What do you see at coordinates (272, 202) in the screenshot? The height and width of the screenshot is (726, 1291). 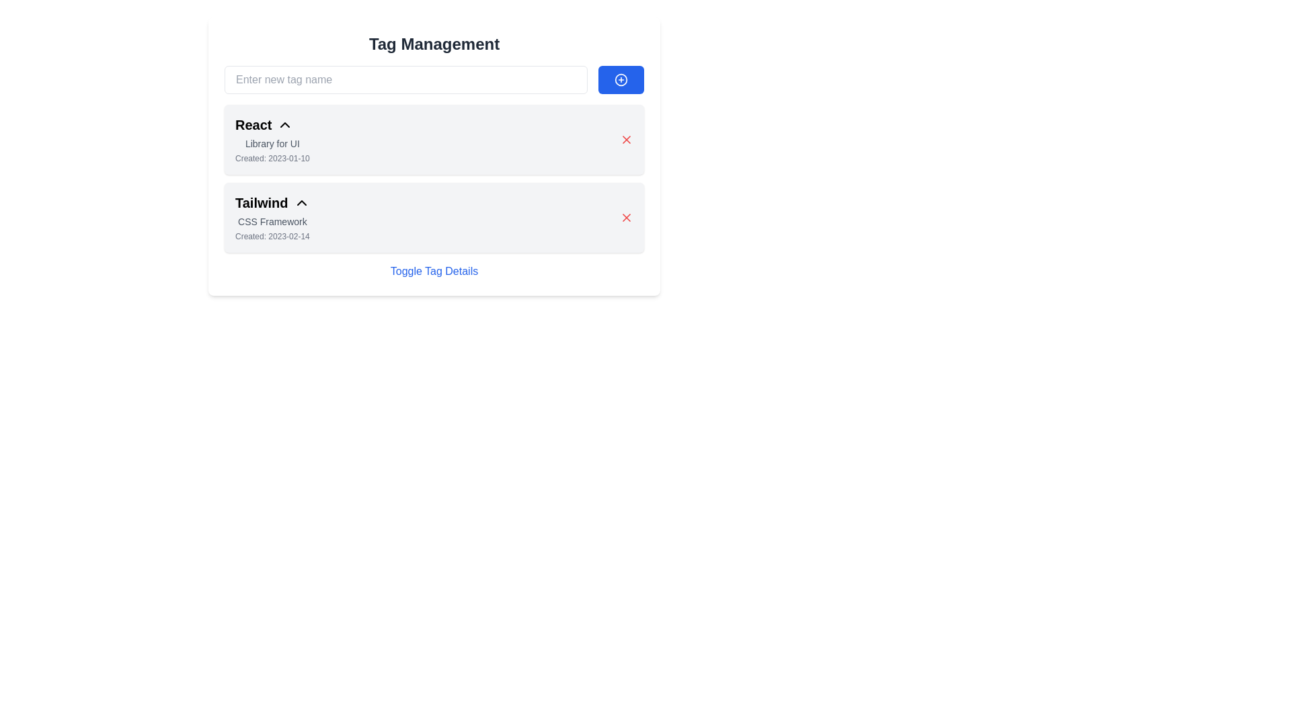 I see `the Text Header that serves as the title for the 'Tailwind' framework, located below the 'React' section` at bounding box center [272, 202].